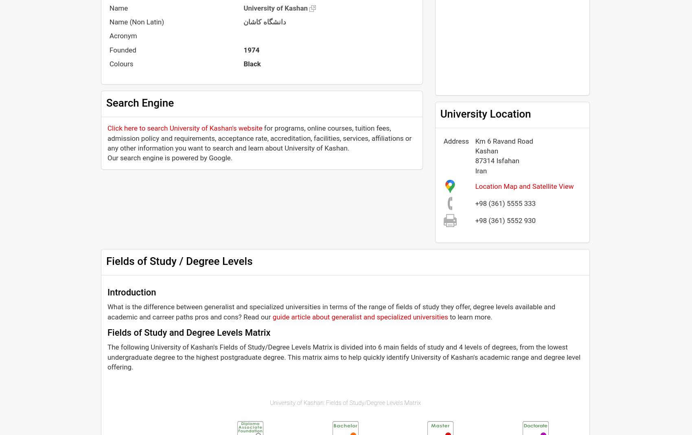  I want to click on '1974', so click(251, 49).